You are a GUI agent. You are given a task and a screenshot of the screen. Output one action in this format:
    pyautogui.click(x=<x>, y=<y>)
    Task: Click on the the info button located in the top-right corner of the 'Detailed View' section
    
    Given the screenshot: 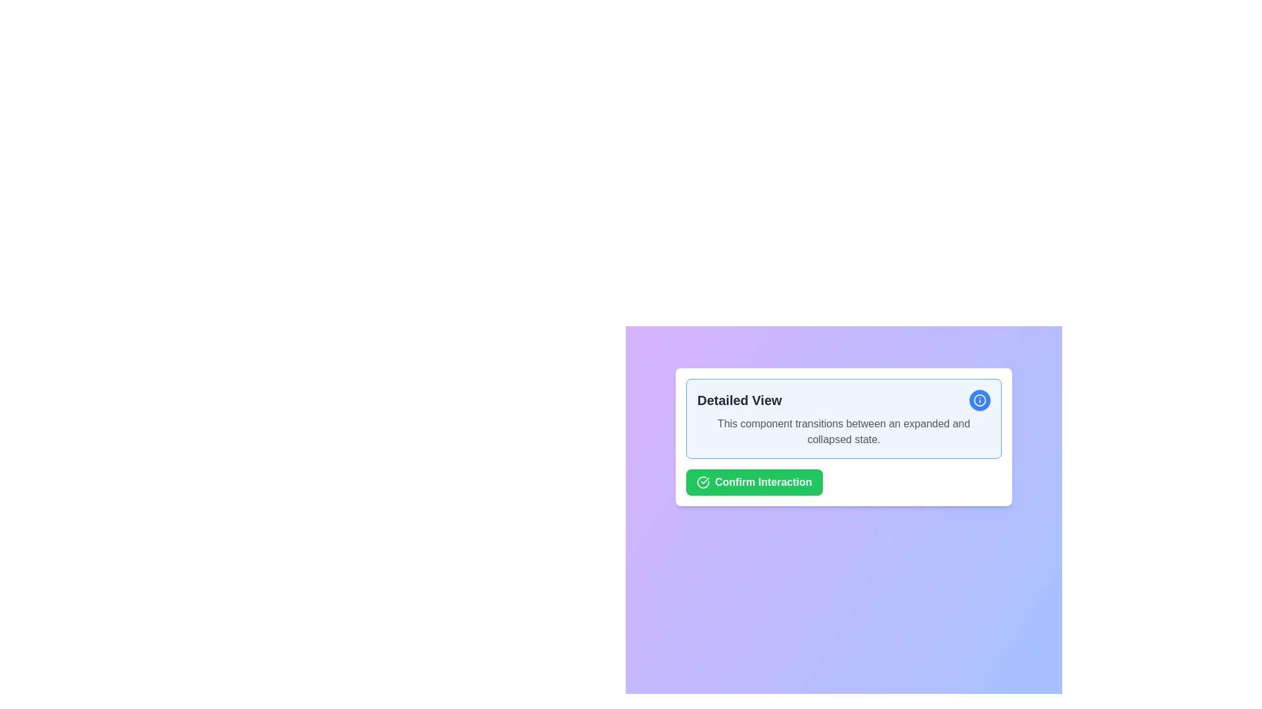 What is the action you would take?
    pyautogui.click(x=980, y=399)
    